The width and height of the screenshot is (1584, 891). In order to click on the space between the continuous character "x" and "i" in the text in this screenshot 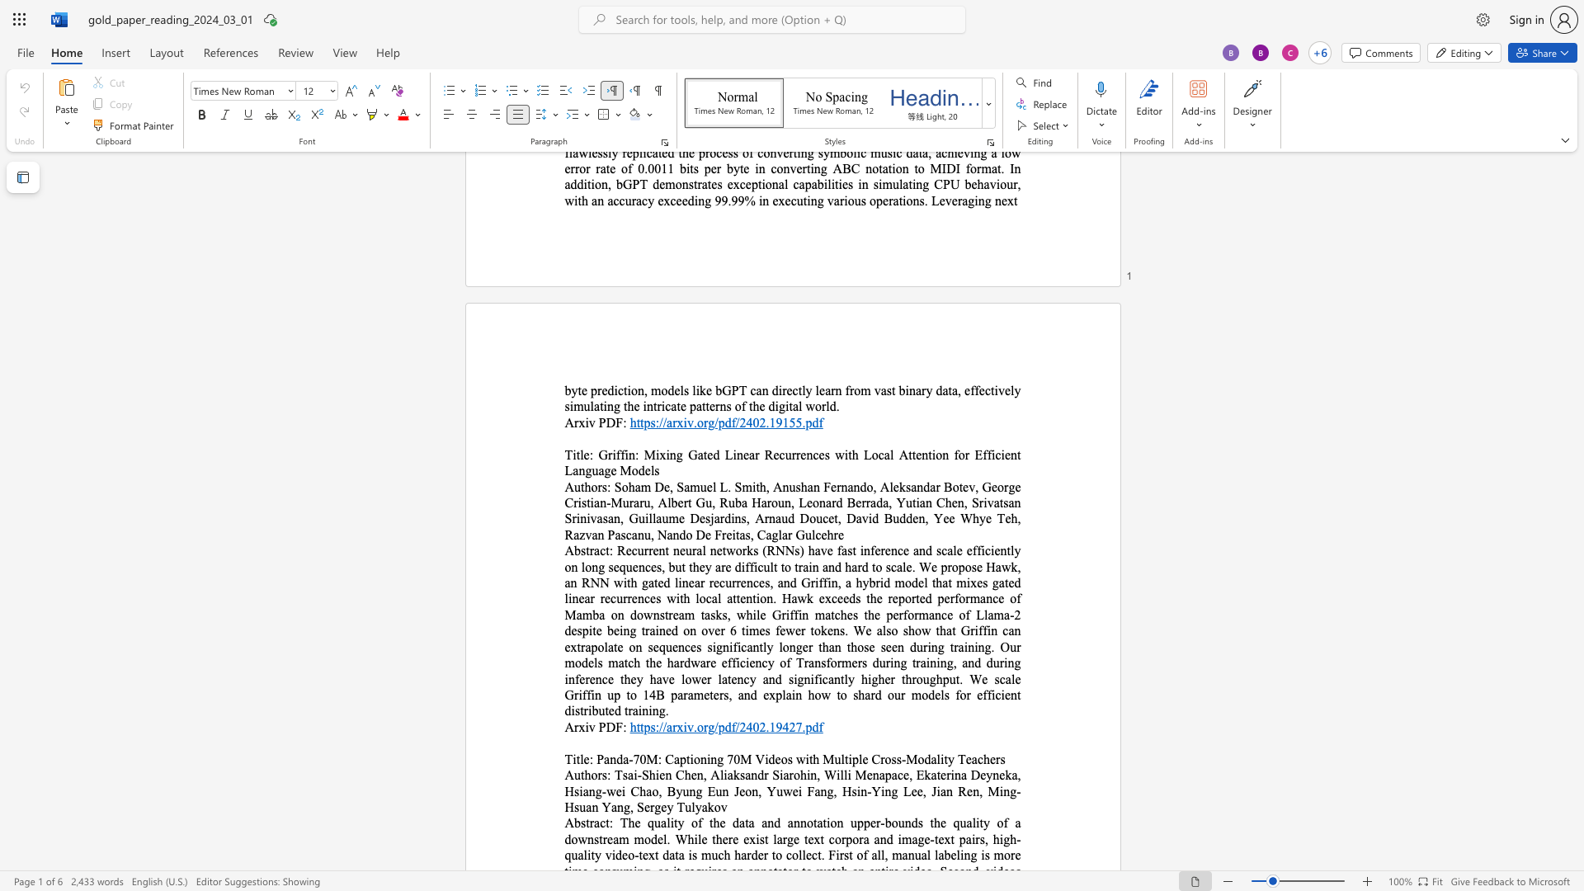, I will do `click(584, 726)`.